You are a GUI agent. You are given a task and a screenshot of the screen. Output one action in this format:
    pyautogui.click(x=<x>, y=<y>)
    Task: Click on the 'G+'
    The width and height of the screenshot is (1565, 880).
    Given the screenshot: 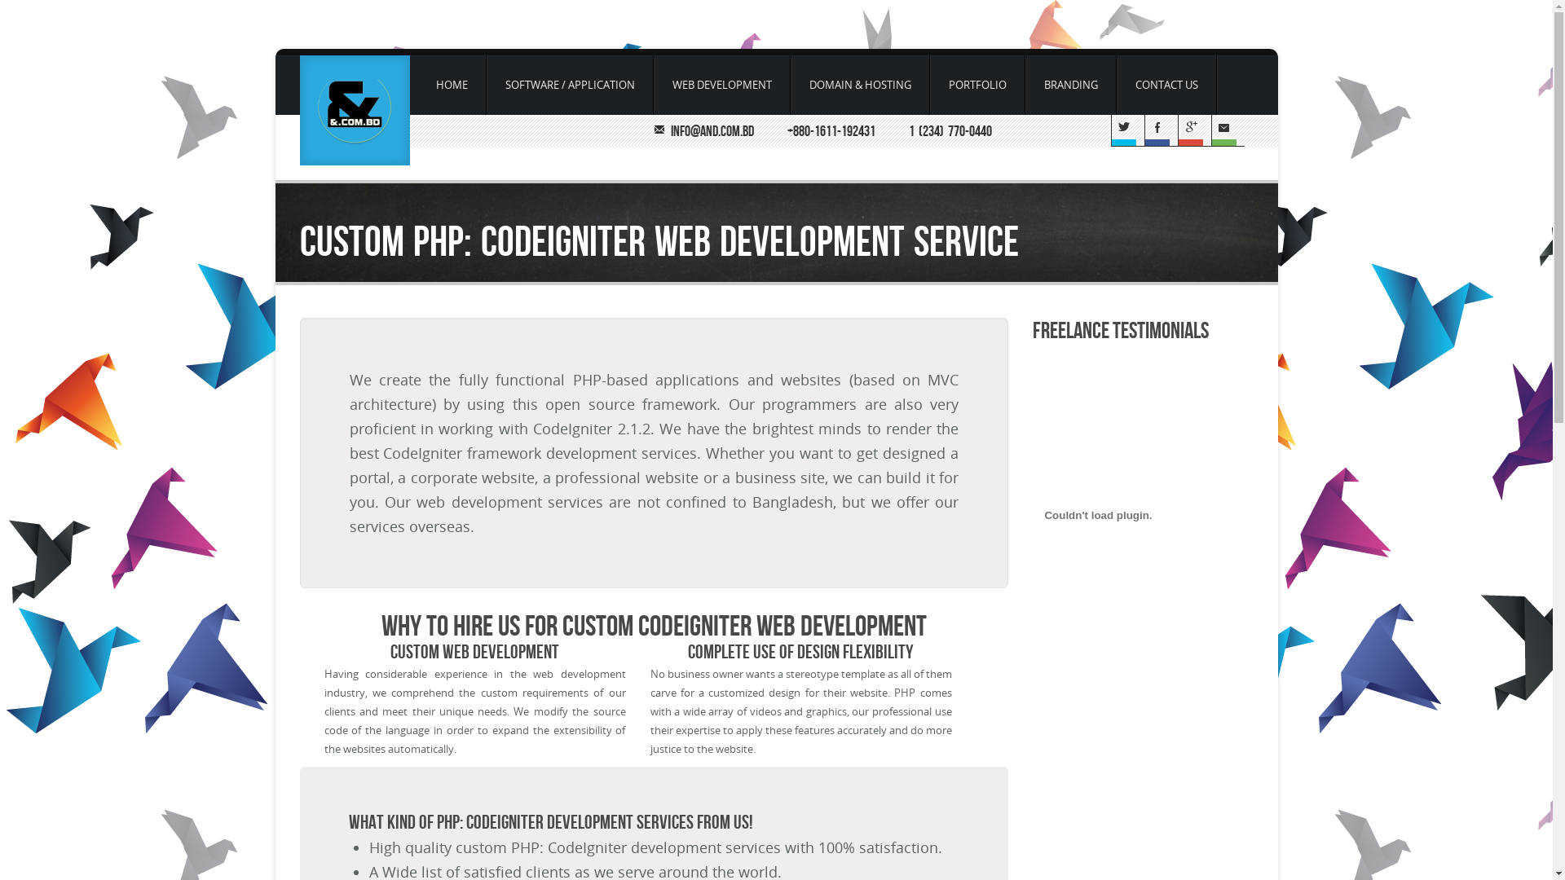 What is the action you would take?
    pyautogui.click(x=1194, y=130)
    